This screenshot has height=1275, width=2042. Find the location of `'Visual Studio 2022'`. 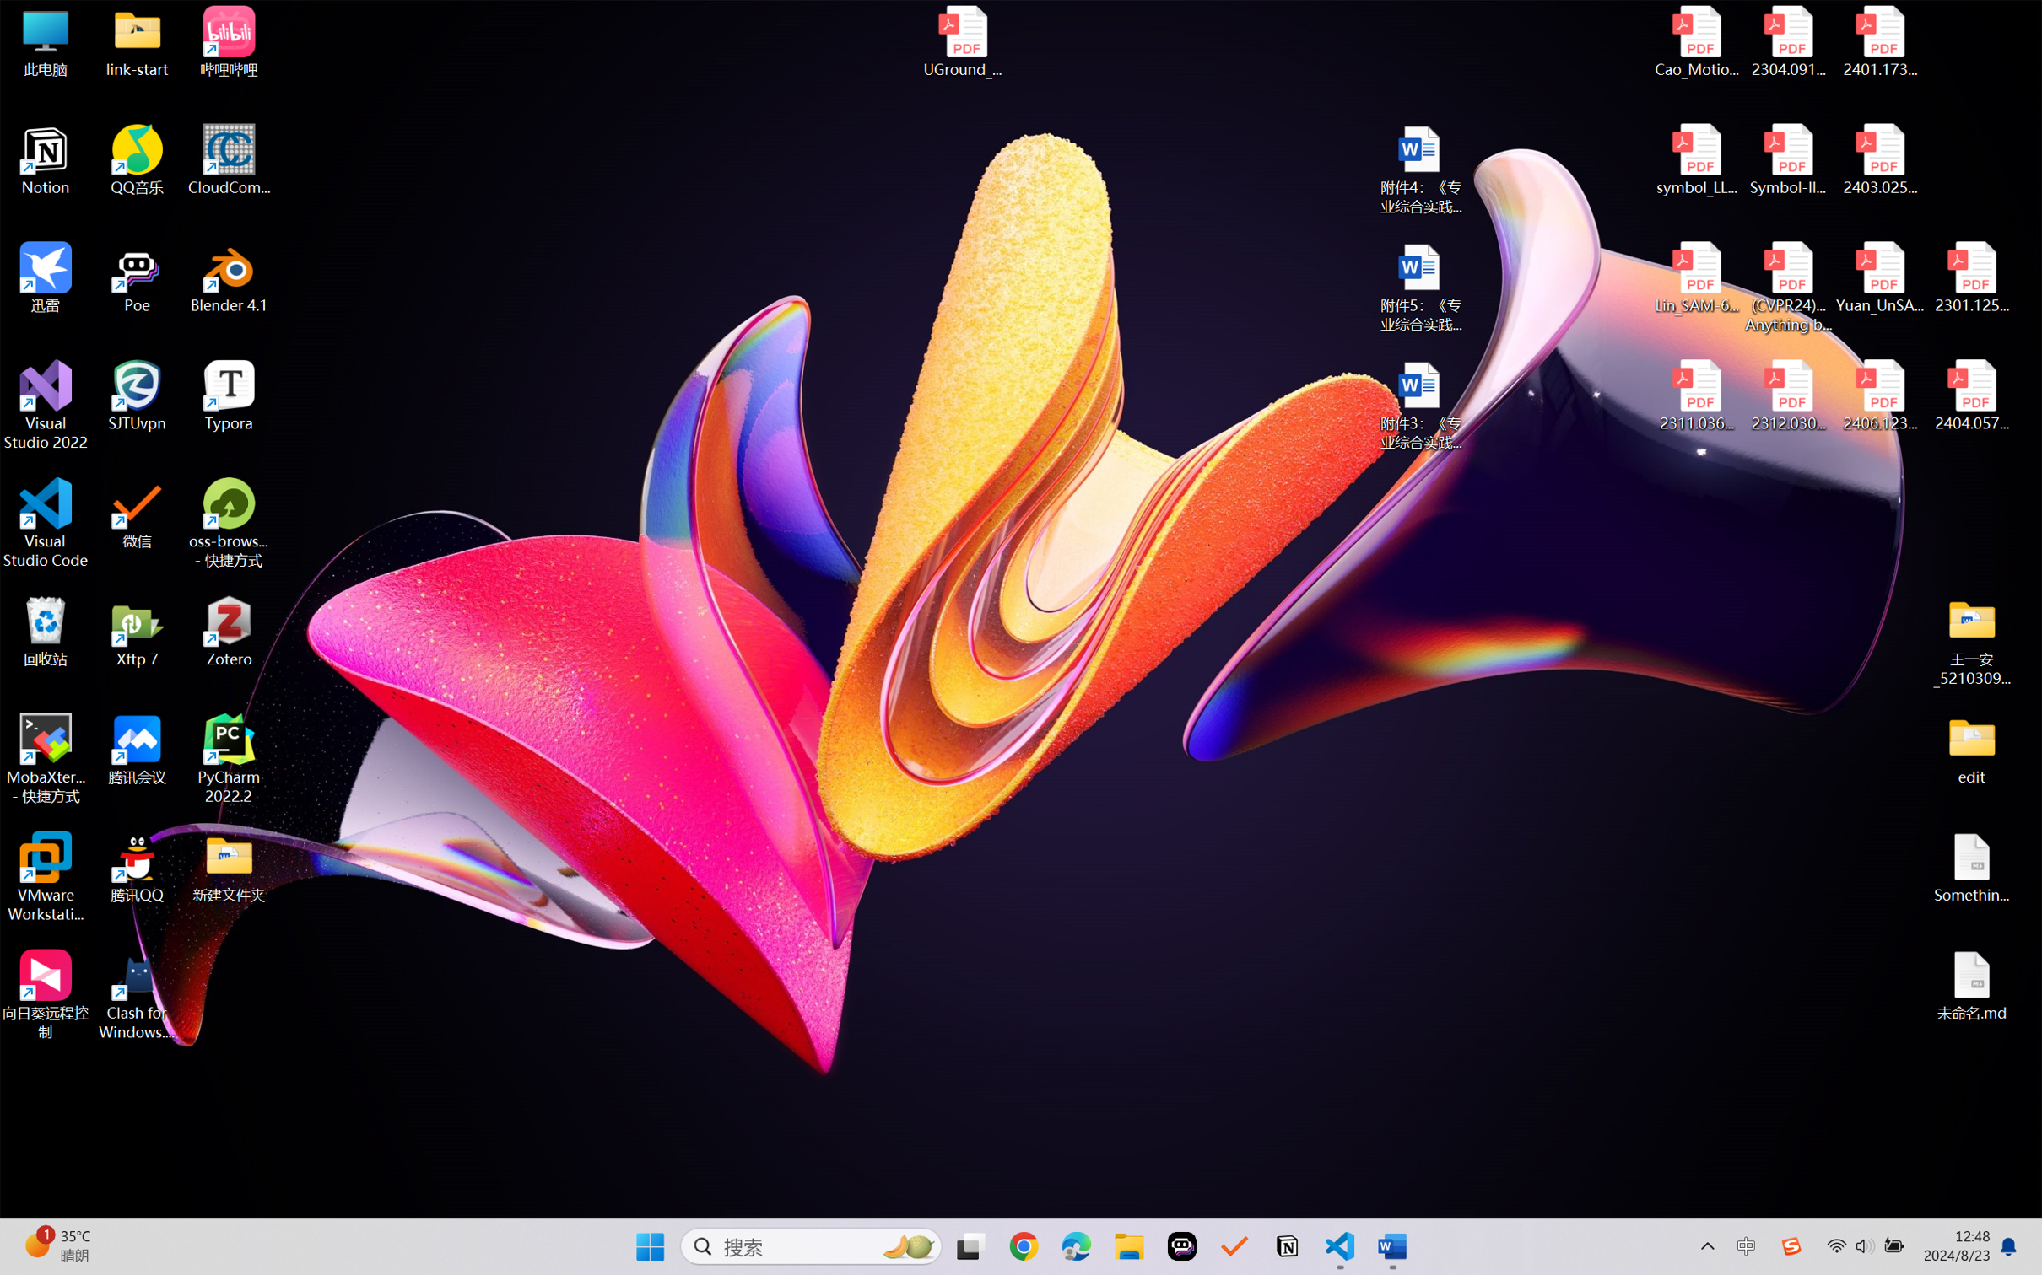

'Visual Studio 2022' is located at coordinates (45, 406).